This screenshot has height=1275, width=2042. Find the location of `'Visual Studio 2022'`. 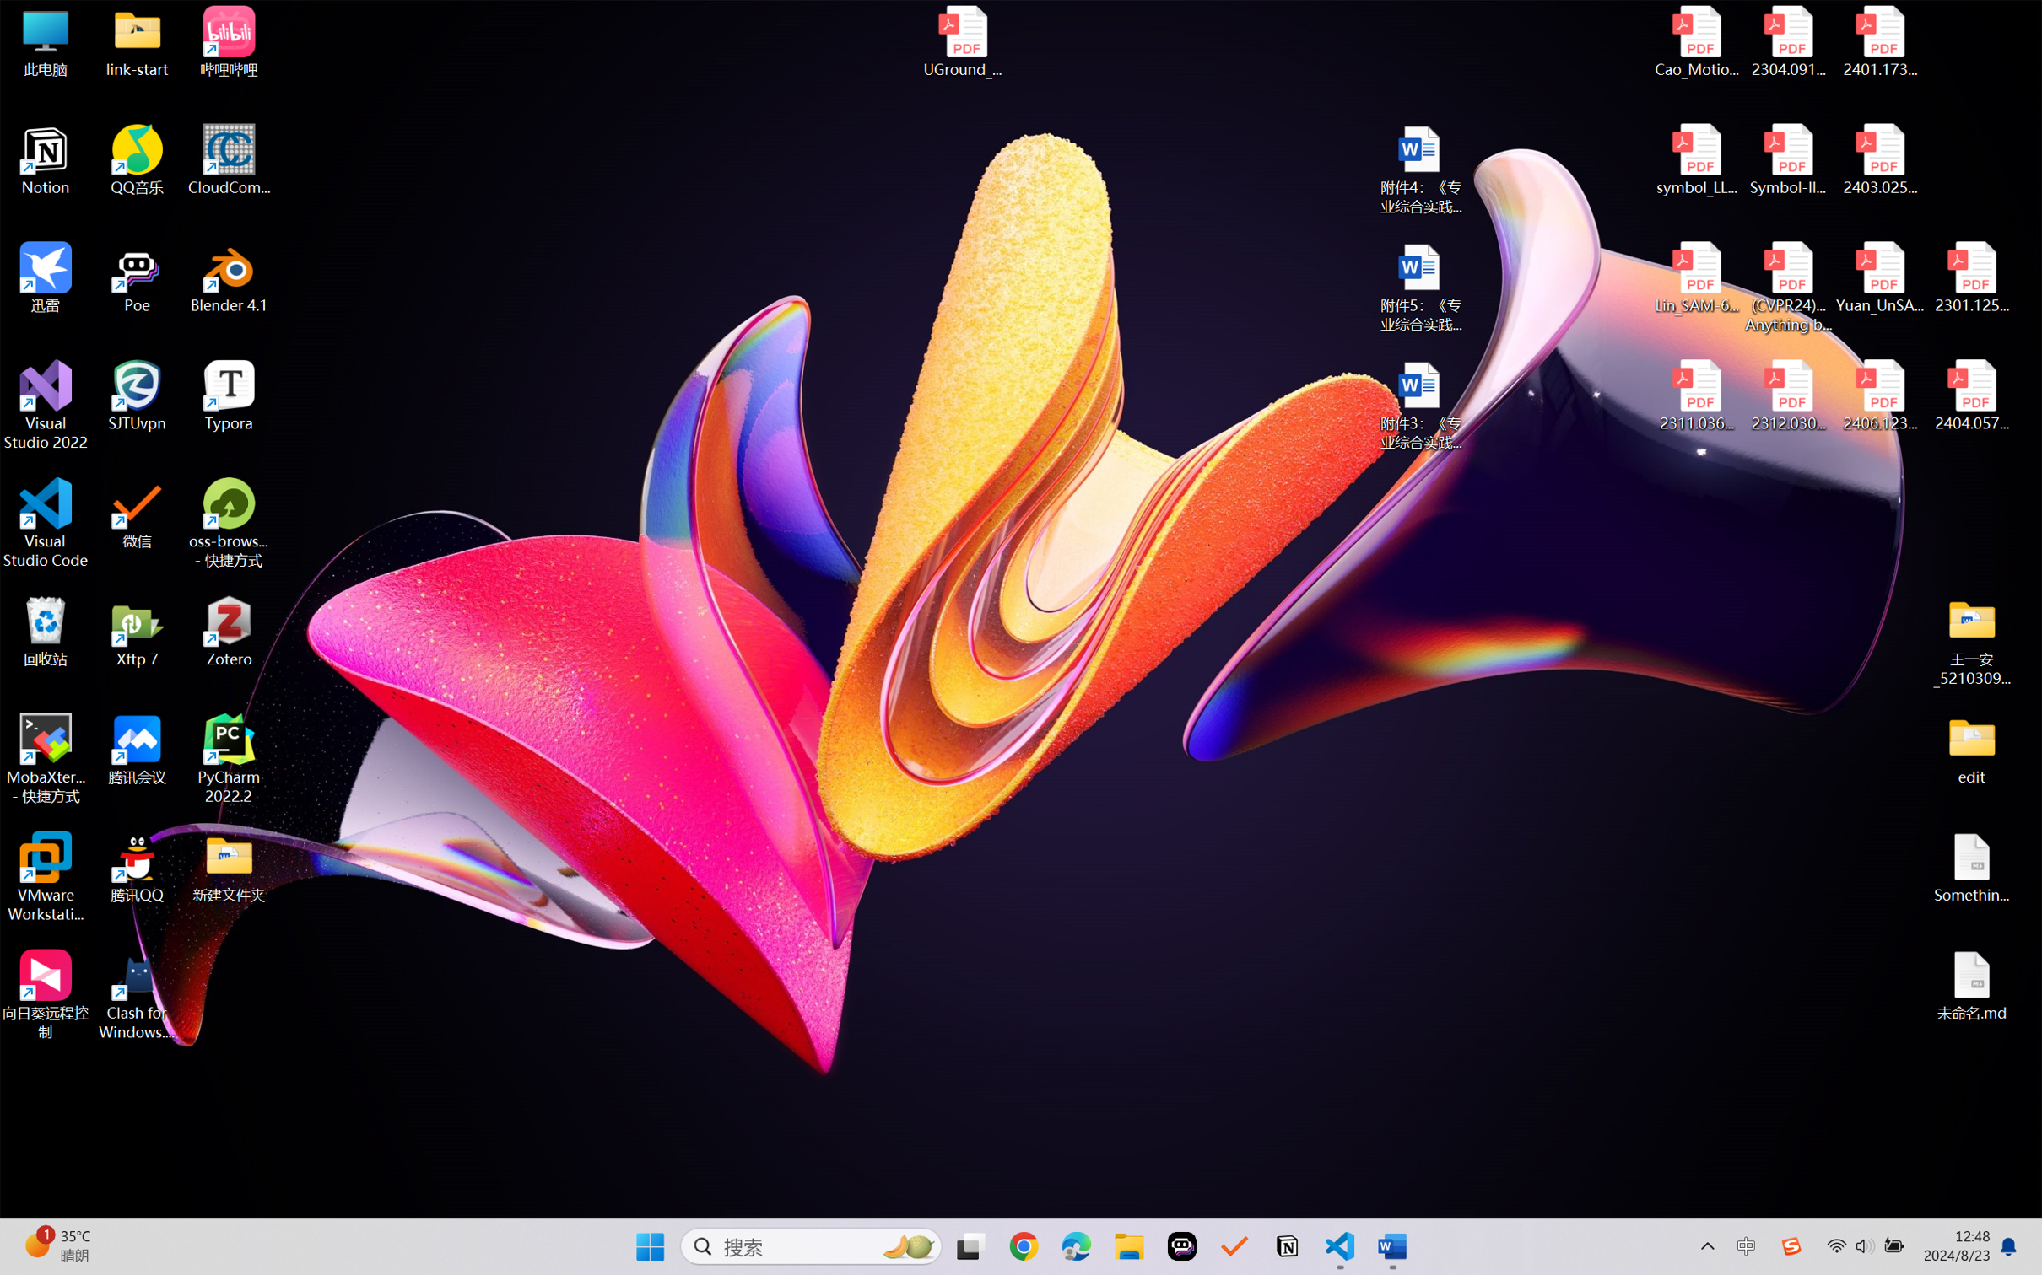

'Visual Studio 2022' is located at coordinates (45, 406).